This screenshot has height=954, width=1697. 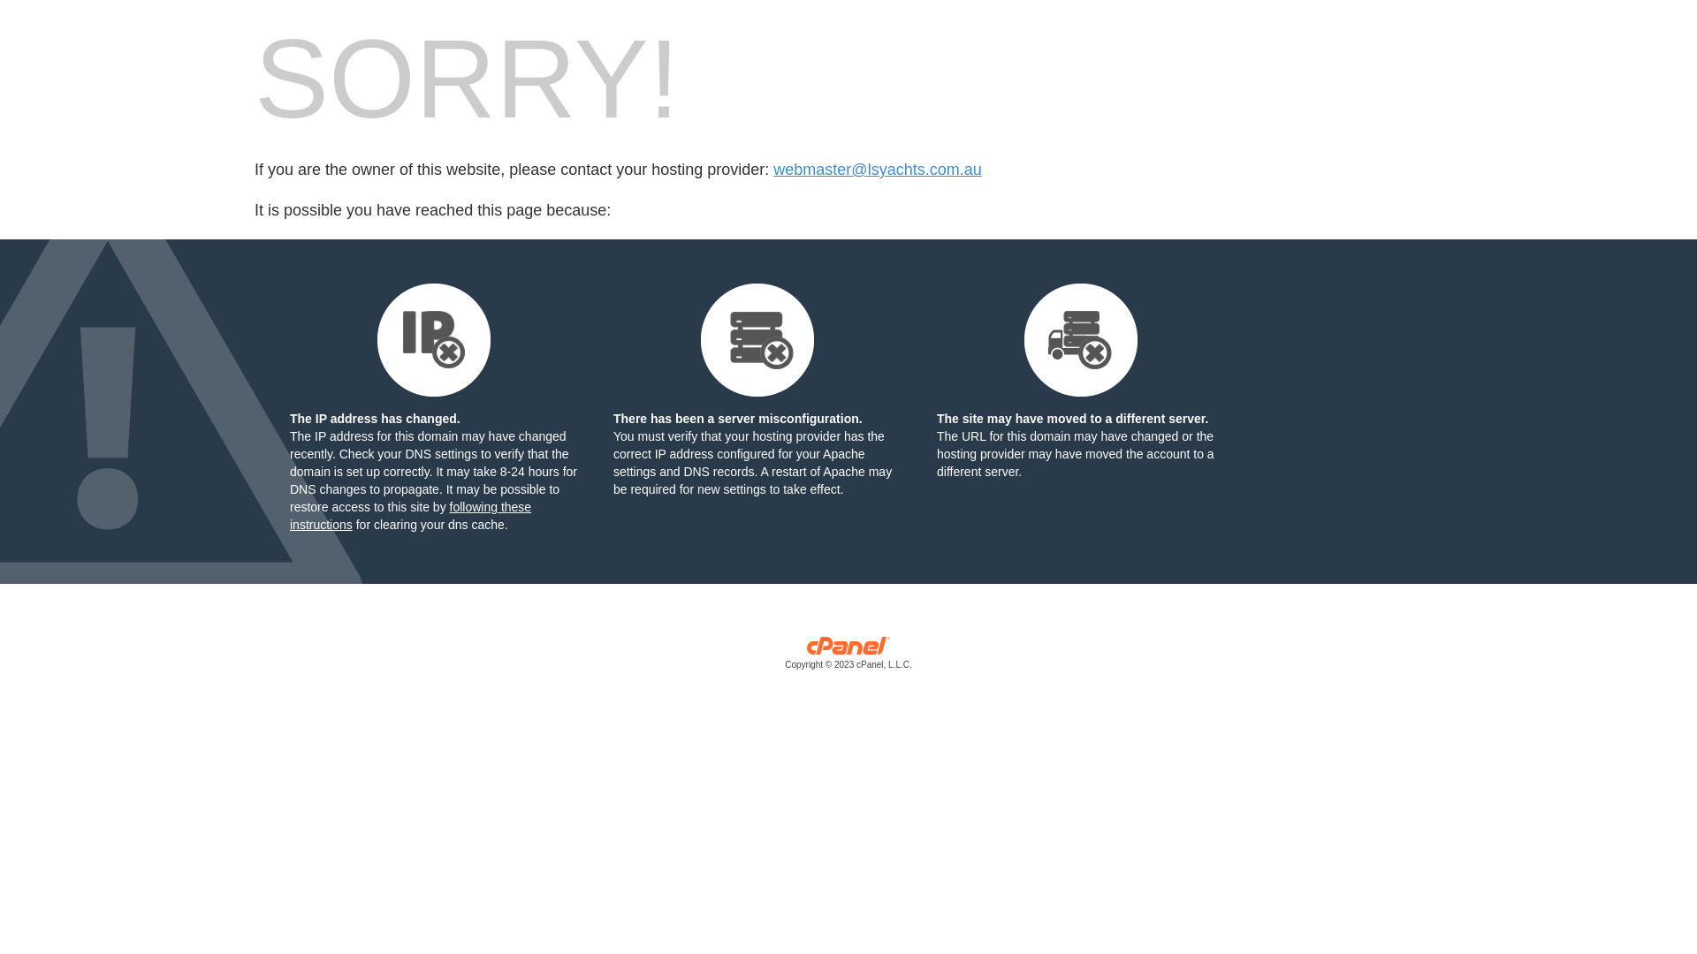 I want to click on 'following these instructions', so click(x=409, y=515).